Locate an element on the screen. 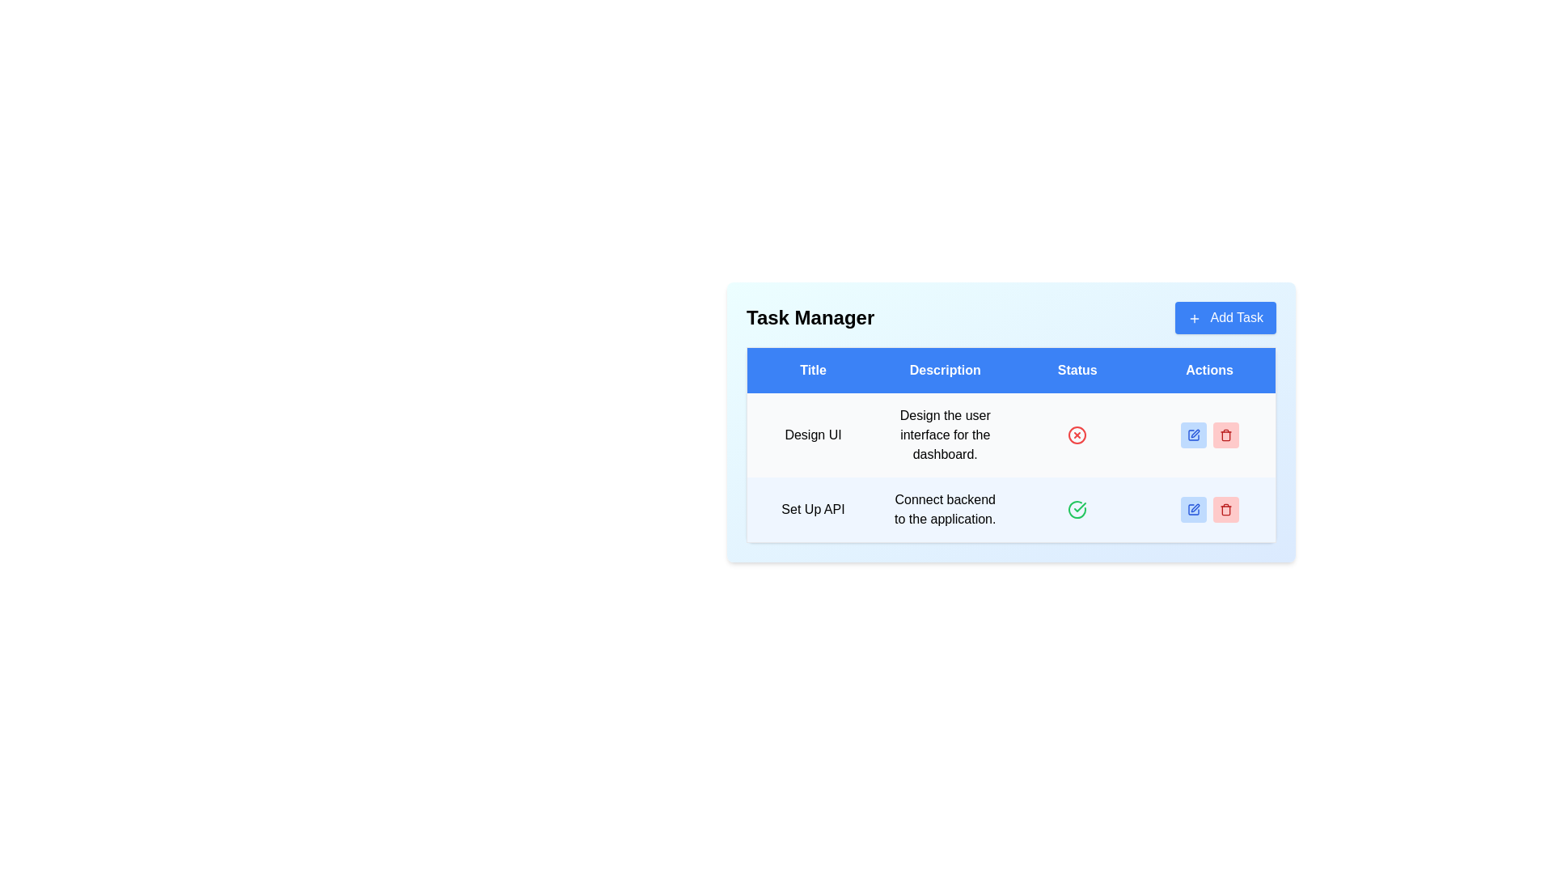 This screenshot has width=1553, height=874. the negative status indicator icon located in the 'Status' column of the task management table for the 'Design UI' row, which visually denotes a failed status for the associated task is located at coordinates (1077, 435).